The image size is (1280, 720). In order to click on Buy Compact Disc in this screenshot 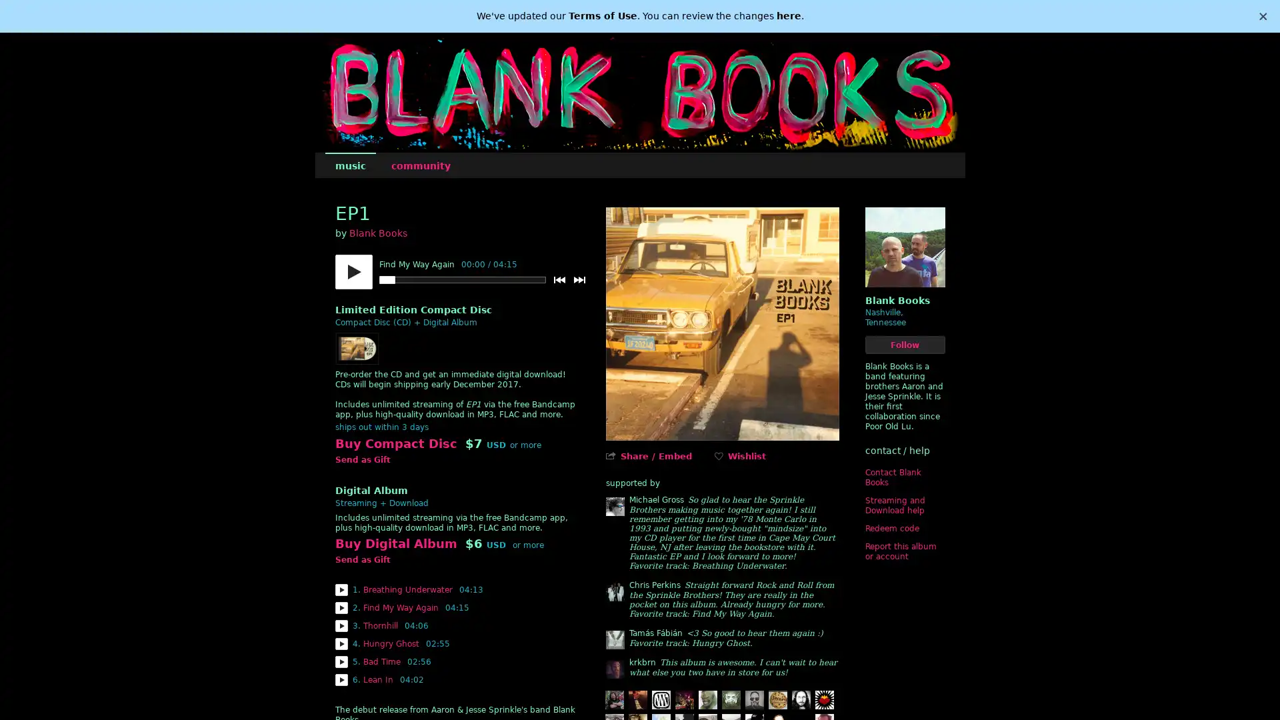, I will do `click(395, 444)`.